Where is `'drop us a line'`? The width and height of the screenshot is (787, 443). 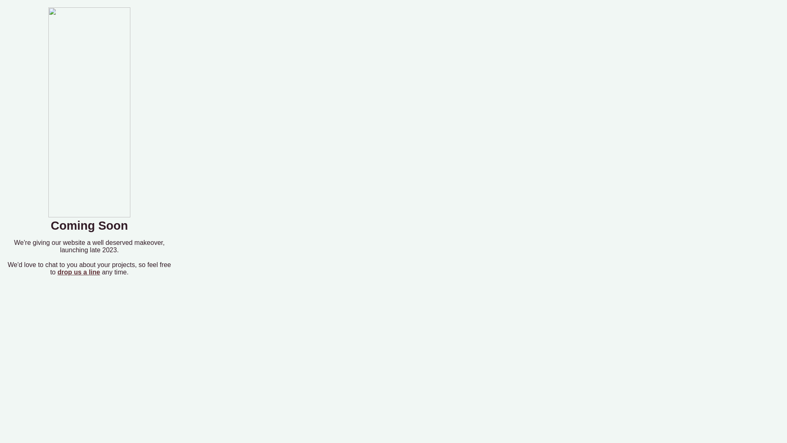 'drop us a line' is located at coordinates (79, 272).